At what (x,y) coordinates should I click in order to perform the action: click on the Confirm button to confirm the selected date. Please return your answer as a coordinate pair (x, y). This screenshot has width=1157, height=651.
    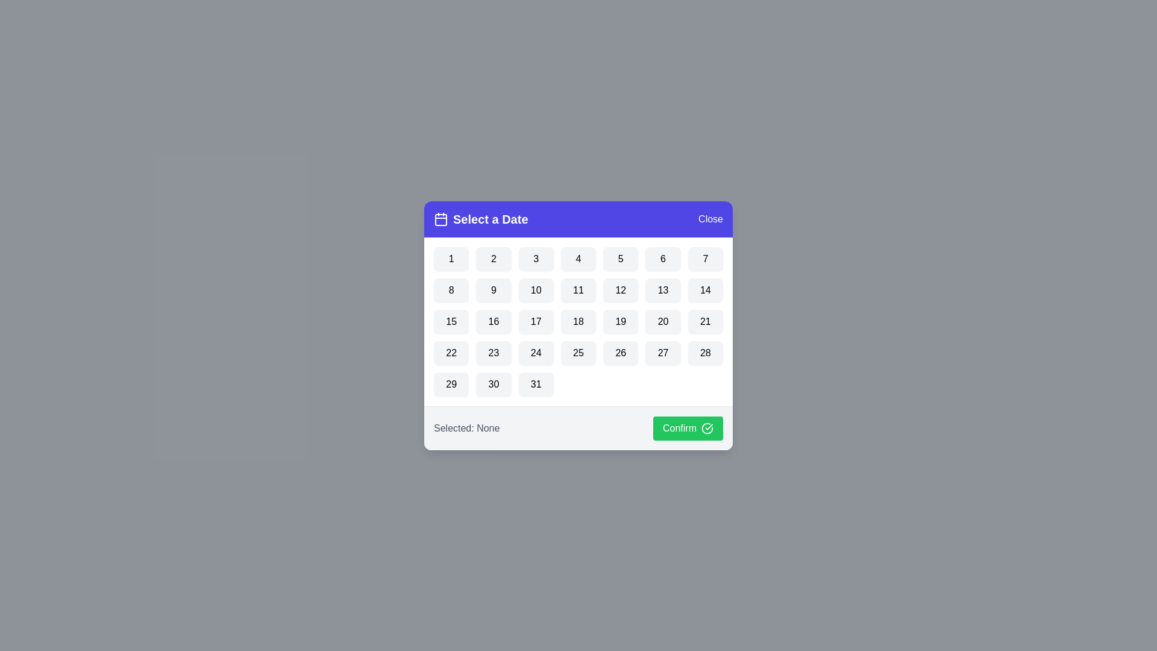
    Looking at the image, I should click on (688, 427).